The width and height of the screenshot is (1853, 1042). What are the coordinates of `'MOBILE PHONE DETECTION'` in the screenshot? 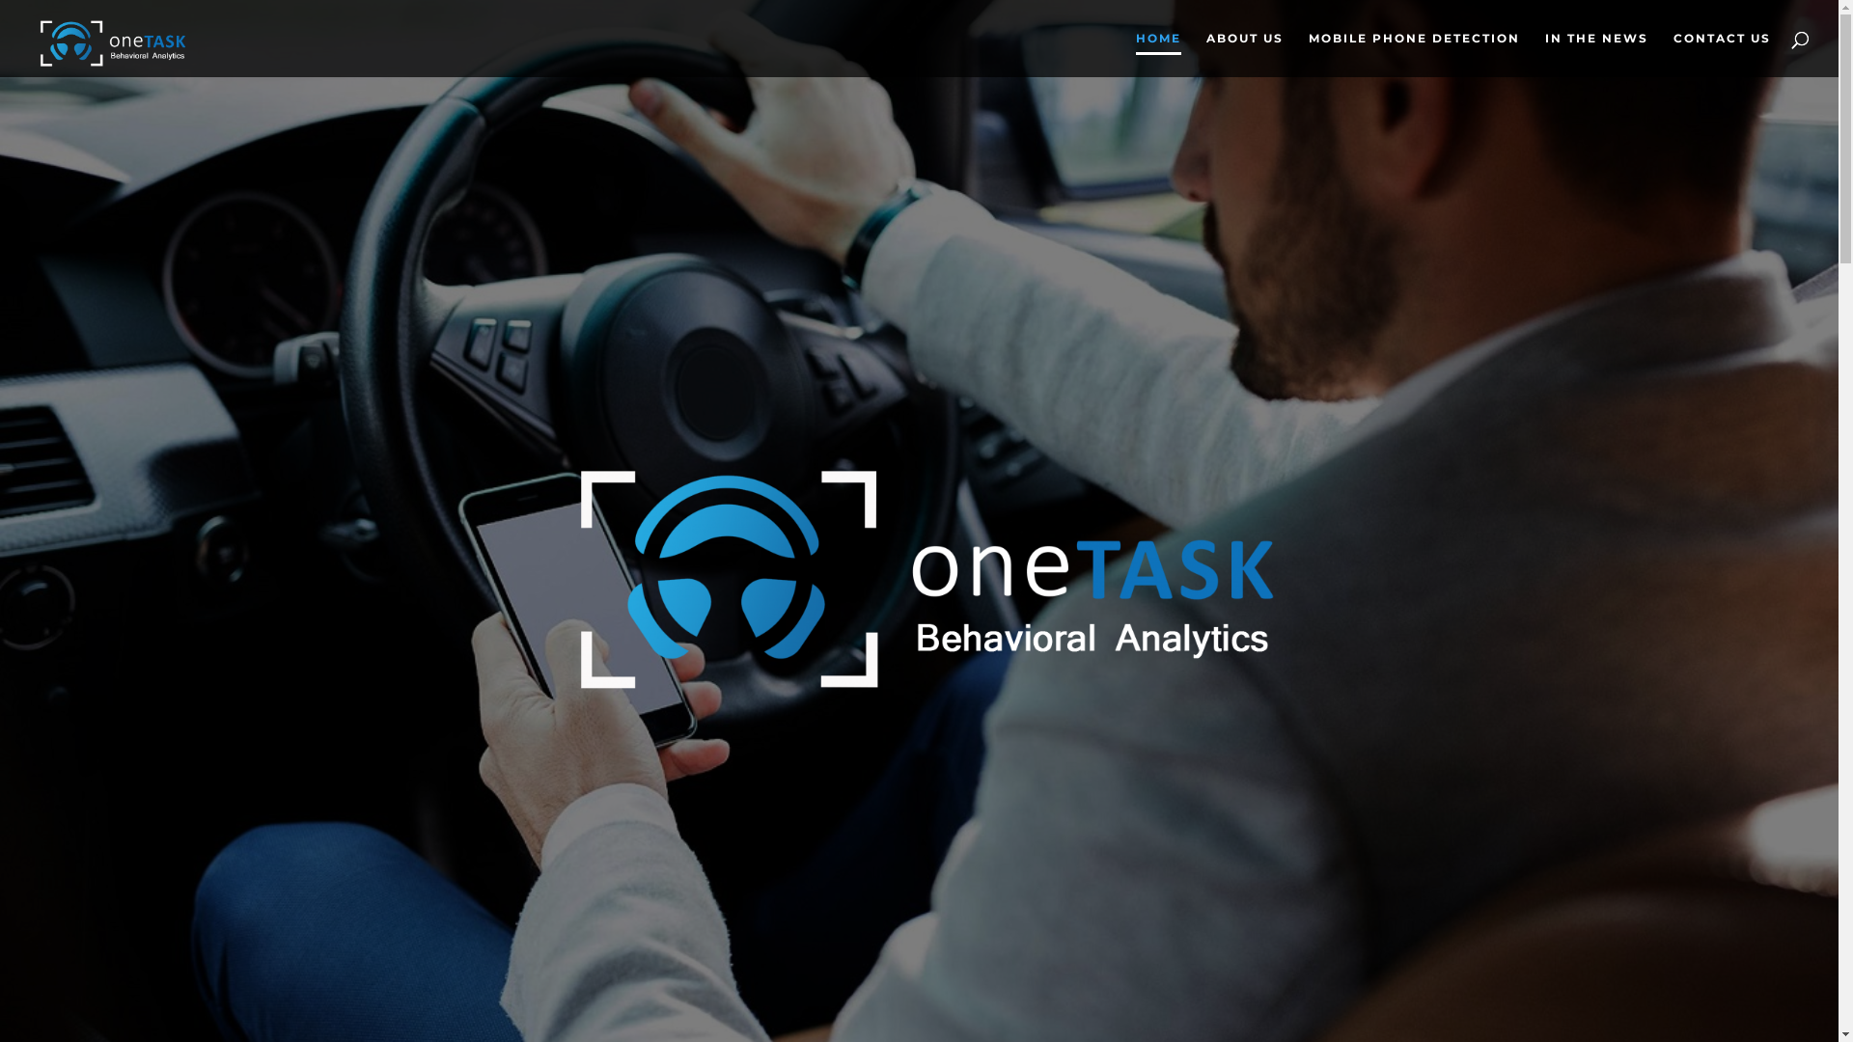 It's located at (1309, 53).